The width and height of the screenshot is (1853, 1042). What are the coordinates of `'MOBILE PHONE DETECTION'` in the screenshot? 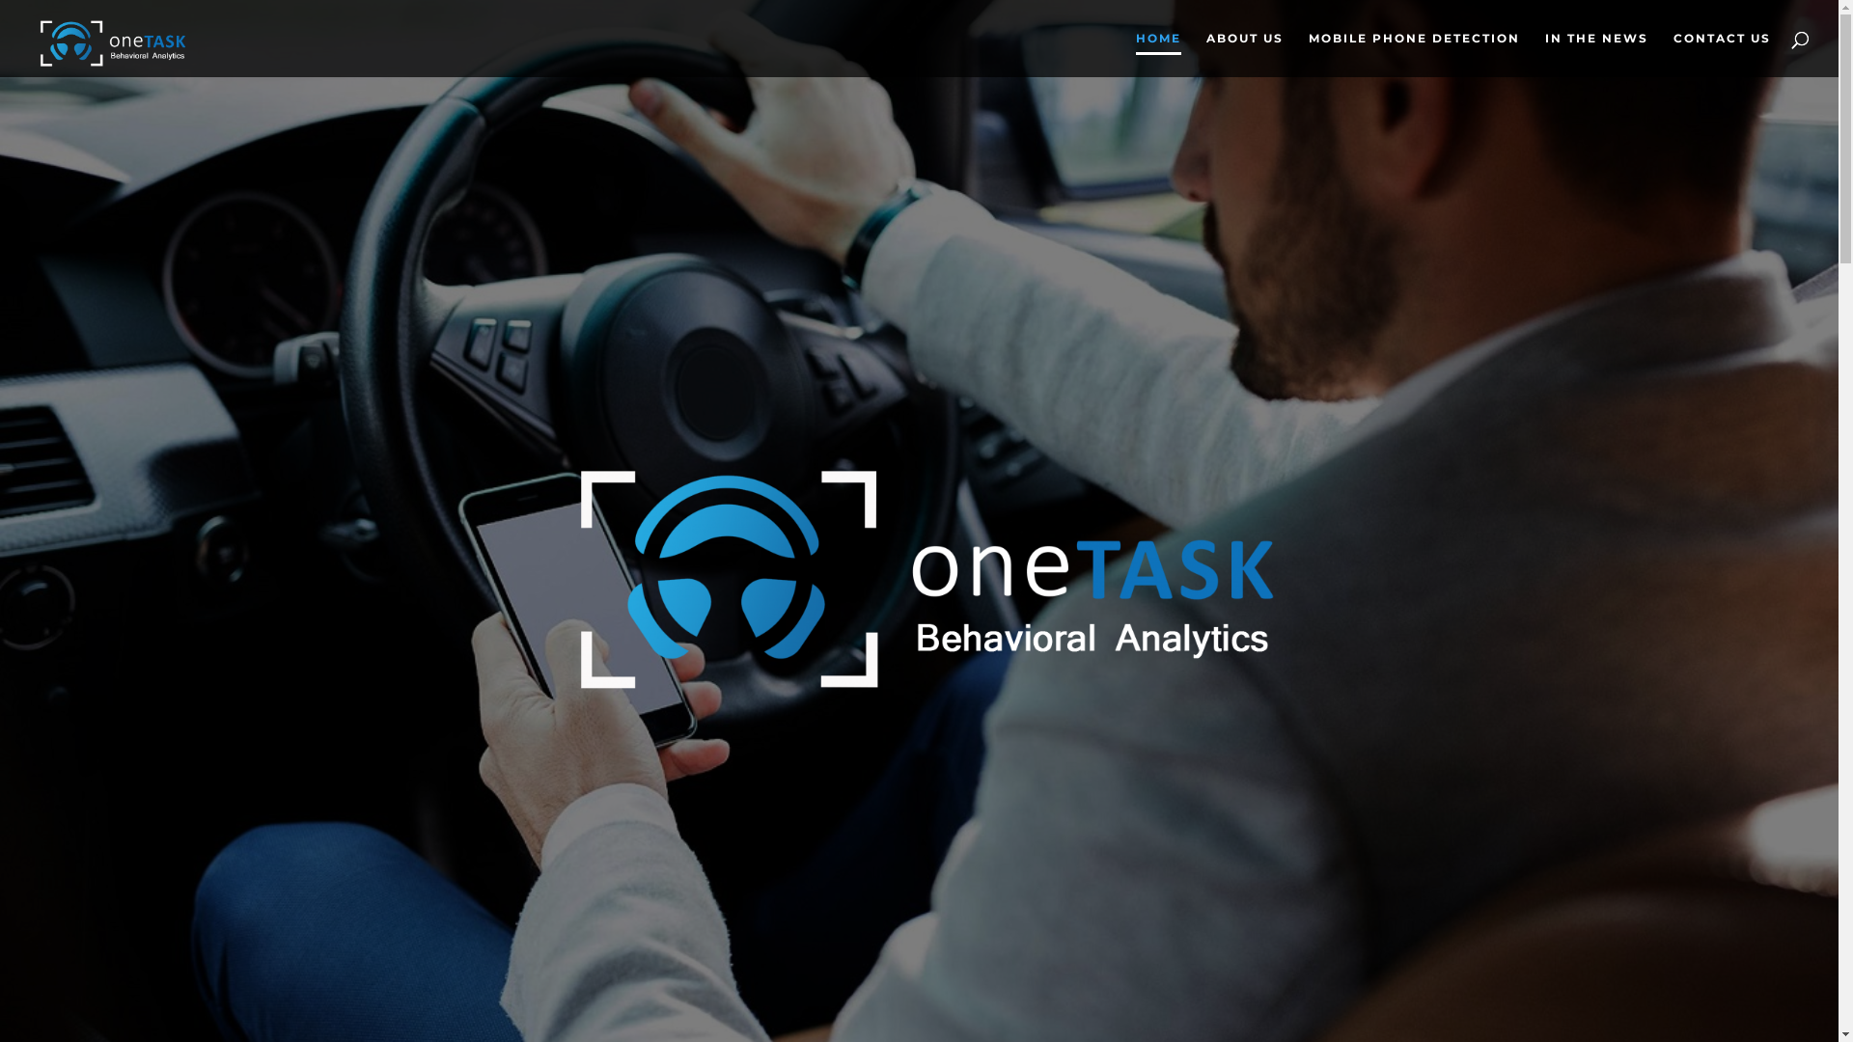 It's located at (1309, 53).